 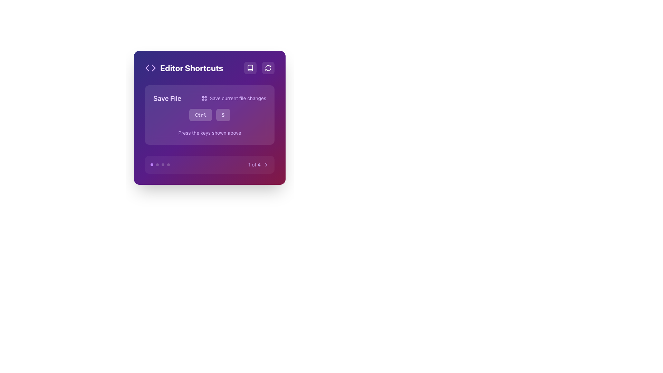 What do you see at coordinates (250, 68) in the screenshot?
I see `the icon button located in the top-right corner of the 'Editor Shortcuts' panel, which resembles a book and is slightly to the left of another icon` at bounding box center [250, 68].